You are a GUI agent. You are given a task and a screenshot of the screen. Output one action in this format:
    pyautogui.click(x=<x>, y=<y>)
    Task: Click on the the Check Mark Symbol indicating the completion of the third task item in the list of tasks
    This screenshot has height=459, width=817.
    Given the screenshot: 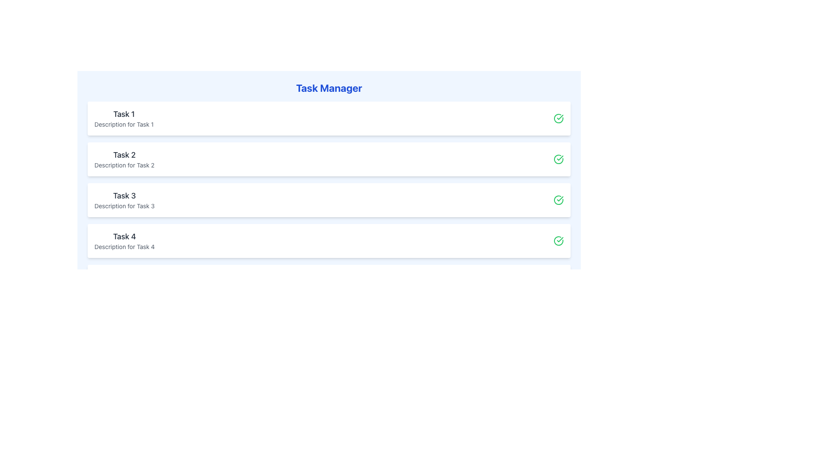 What is the action you would take?
    pyautogui.click(x=560, y=158)
    